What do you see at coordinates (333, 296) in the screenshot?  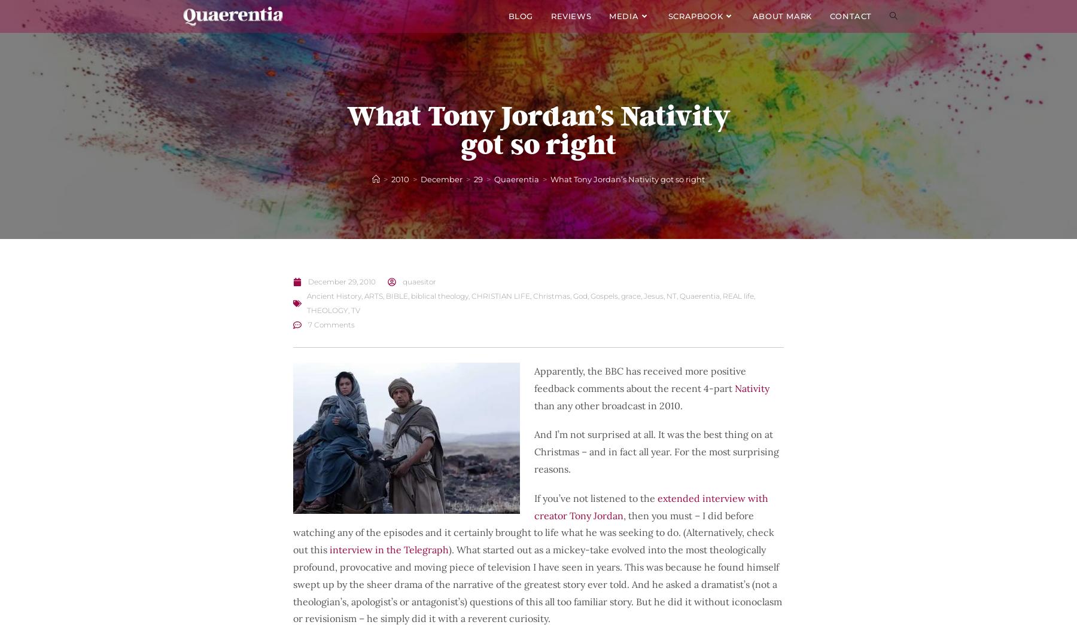 I see `'Ancient History'` at bounding box center [333, 296].